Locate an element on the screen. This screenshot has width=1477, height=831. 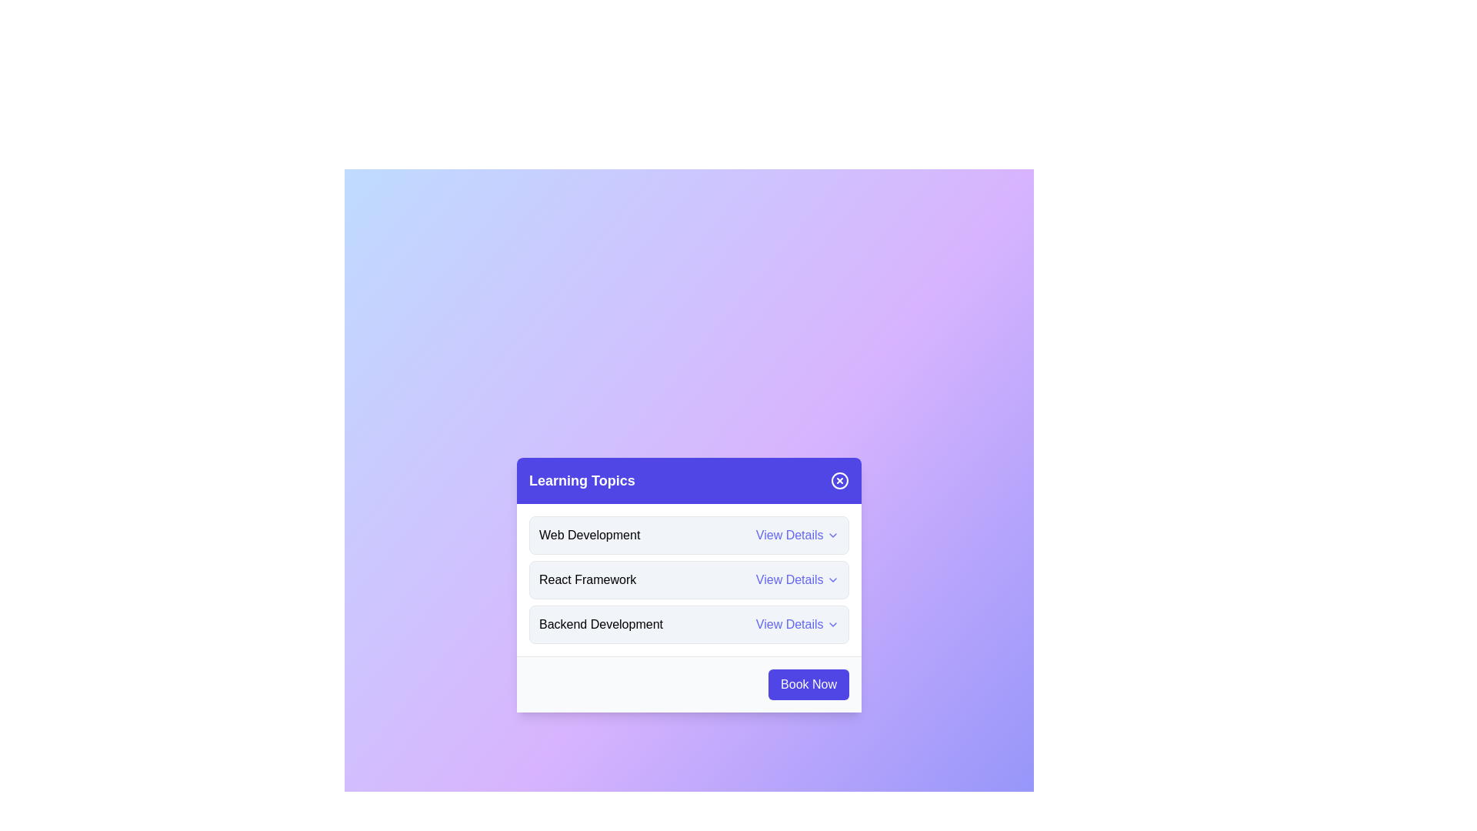
the 'Book Now' button to proceed is located at coordinates (808, 682).